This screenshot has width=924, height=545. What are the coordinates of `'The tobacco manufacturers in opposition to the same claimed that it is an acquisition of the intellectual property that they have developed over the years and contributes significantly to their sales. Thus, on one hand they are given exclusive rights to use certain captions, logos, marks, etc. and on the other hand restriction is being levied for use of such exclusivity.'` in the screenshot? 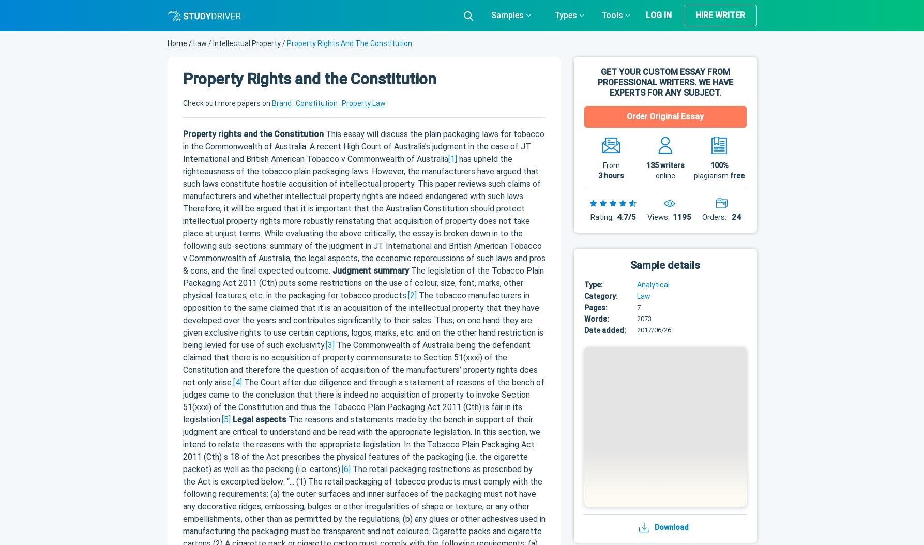 It's located at (362, 319).